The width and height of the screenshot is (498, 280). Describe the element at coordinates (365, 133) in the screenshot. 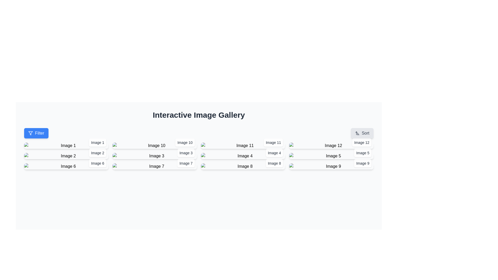

I see `the sorting toggle button located near the top-right of the navigation bar` at that location.